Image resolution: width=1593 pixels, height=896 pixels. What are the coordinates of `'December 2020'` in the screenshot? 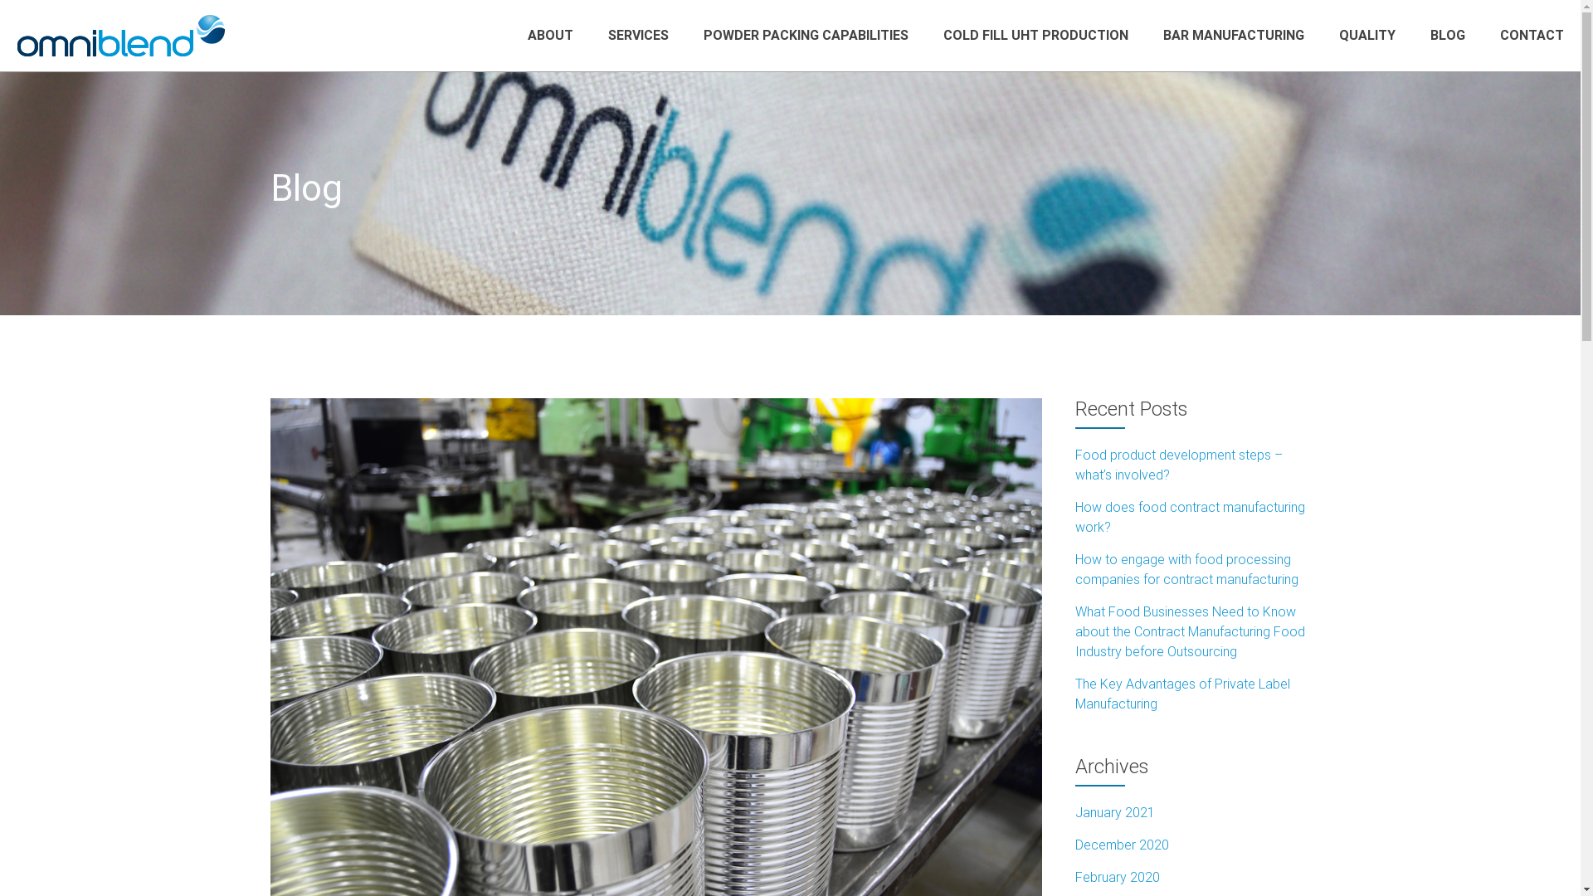 It's located at (1122, 845).